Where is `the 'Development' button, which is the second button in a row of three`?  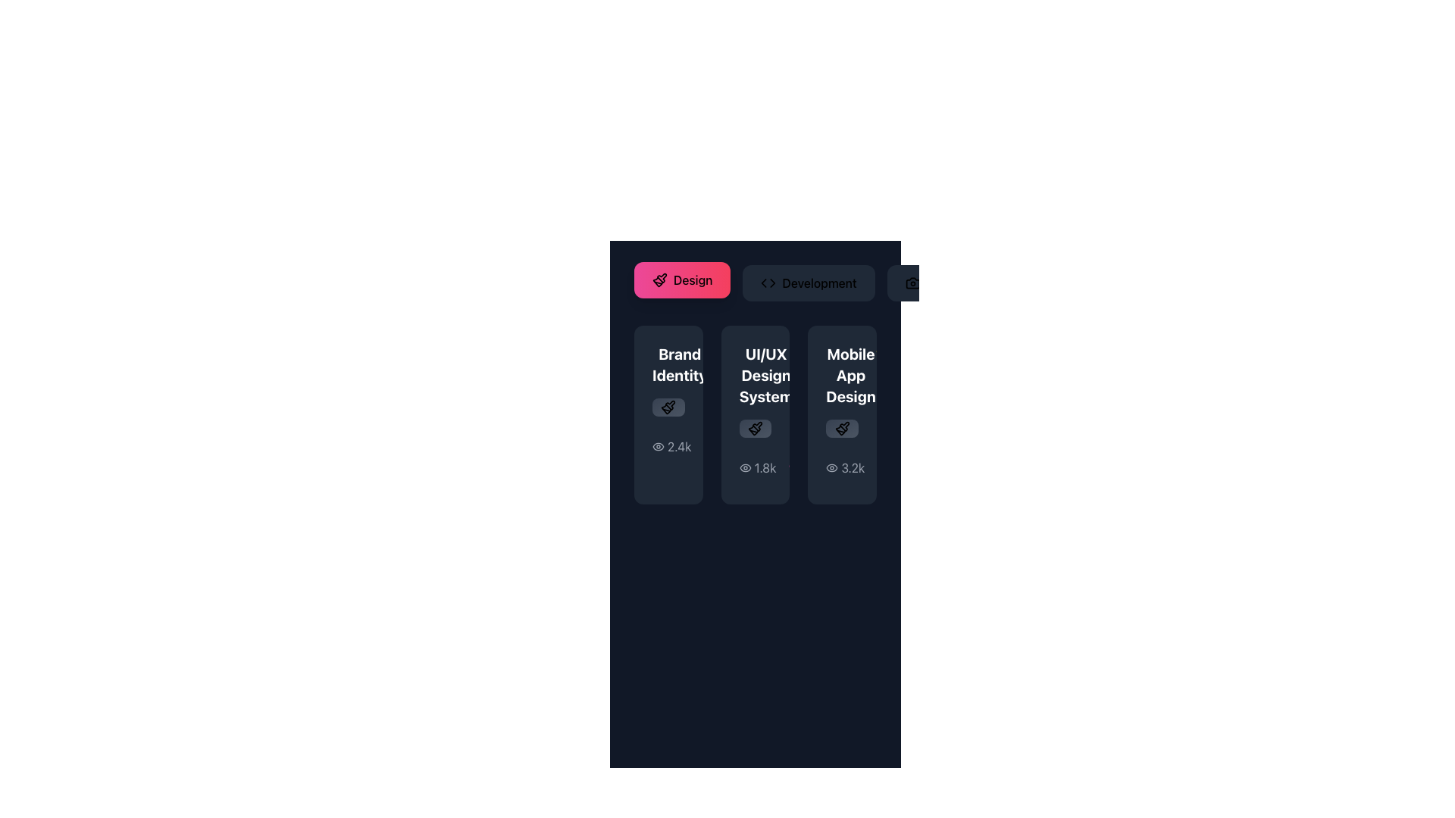
the 'Development' button, which is the second button in a row of three is located at coordinates (808, 283).